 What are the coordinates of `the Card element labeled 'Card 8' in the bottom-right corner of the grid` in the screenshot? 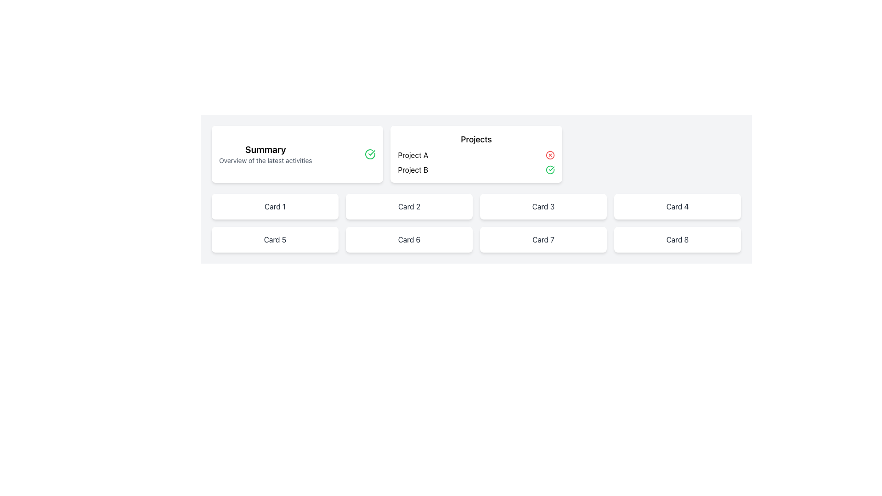 It's located at (677, 239).